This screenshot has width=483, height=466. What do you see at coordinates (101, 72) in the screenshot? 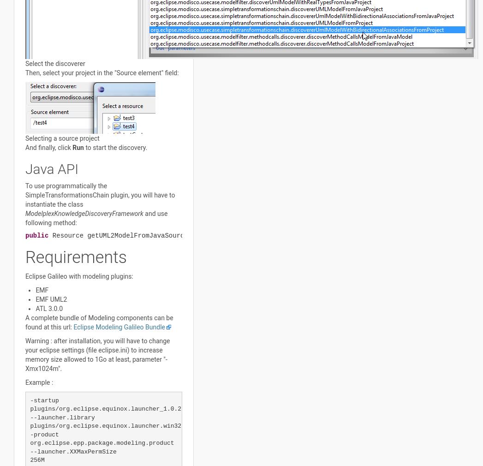
I see `'Then, select your project in the "Source element" field:'` at bounding box center [101, 72].